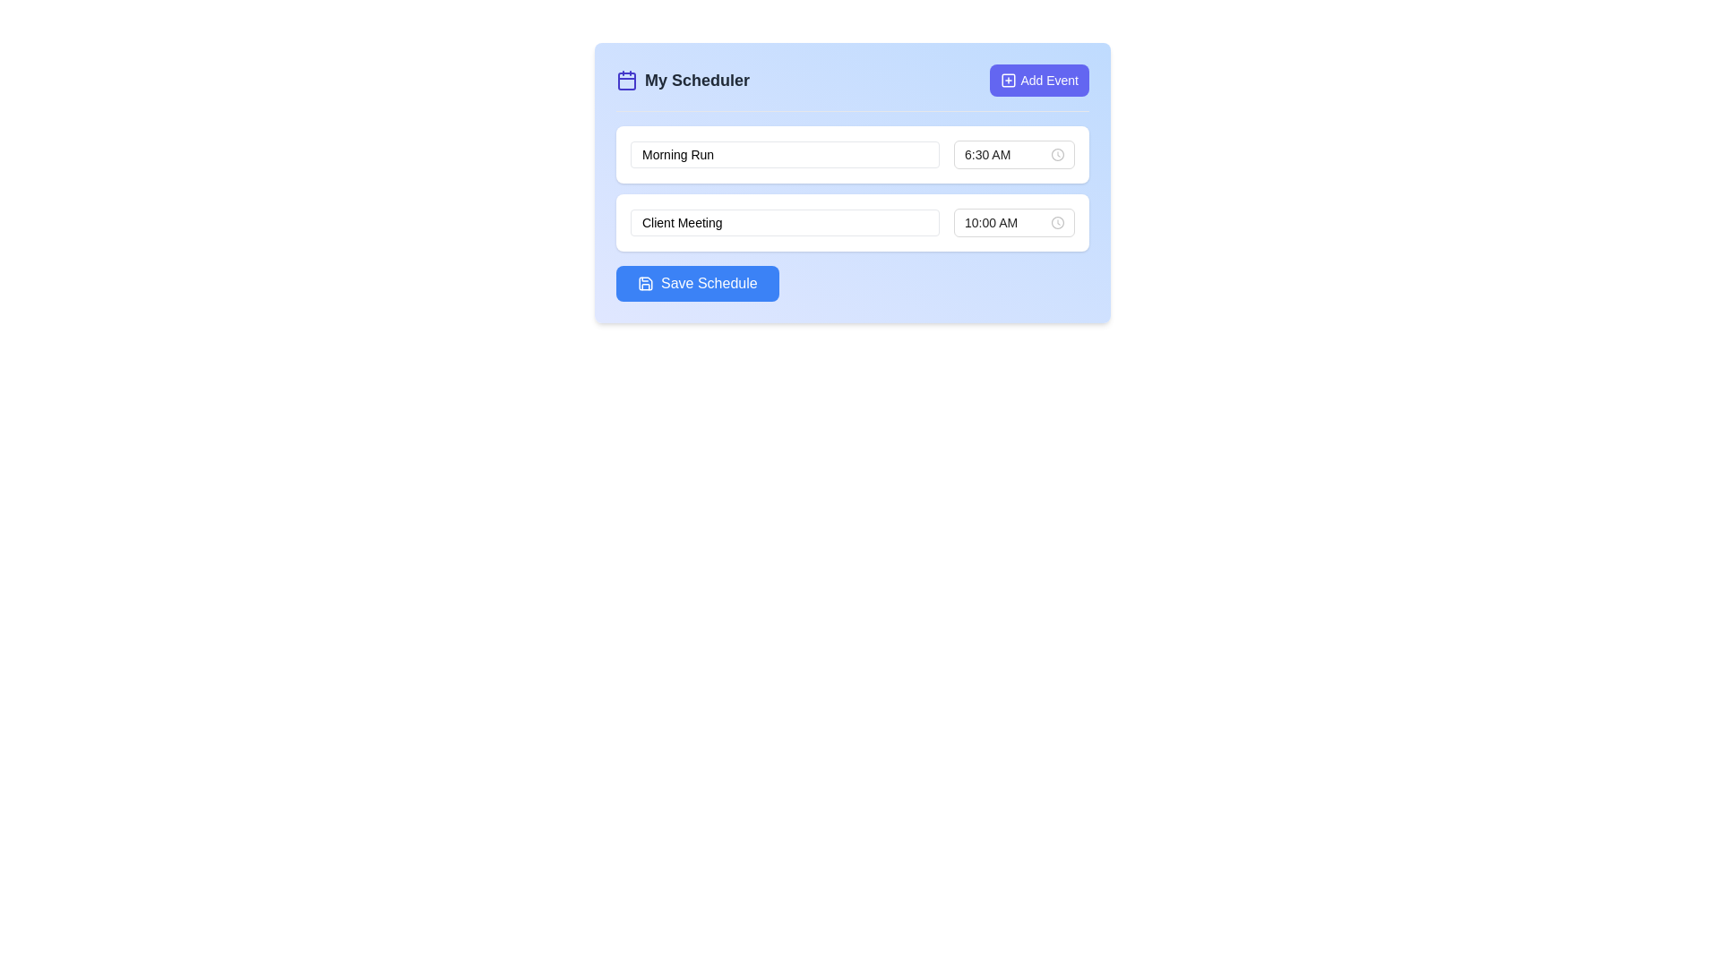 The image size is (1720, 967). What do you see at coordinates (1039, 79) in the screenshot?
I see `the button located` at bounding box center [1039, 79].